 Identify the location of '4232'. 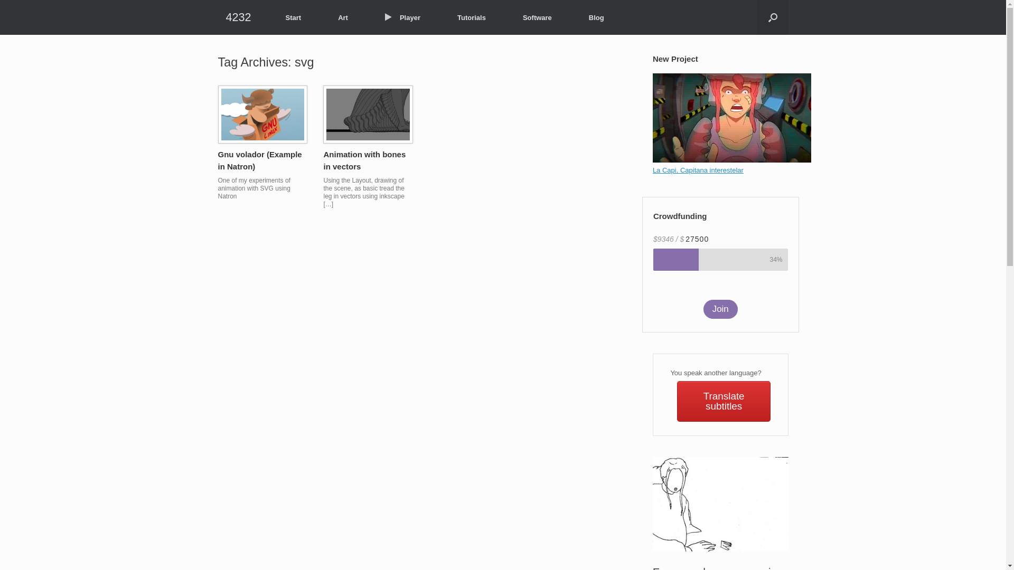
(238, 17).